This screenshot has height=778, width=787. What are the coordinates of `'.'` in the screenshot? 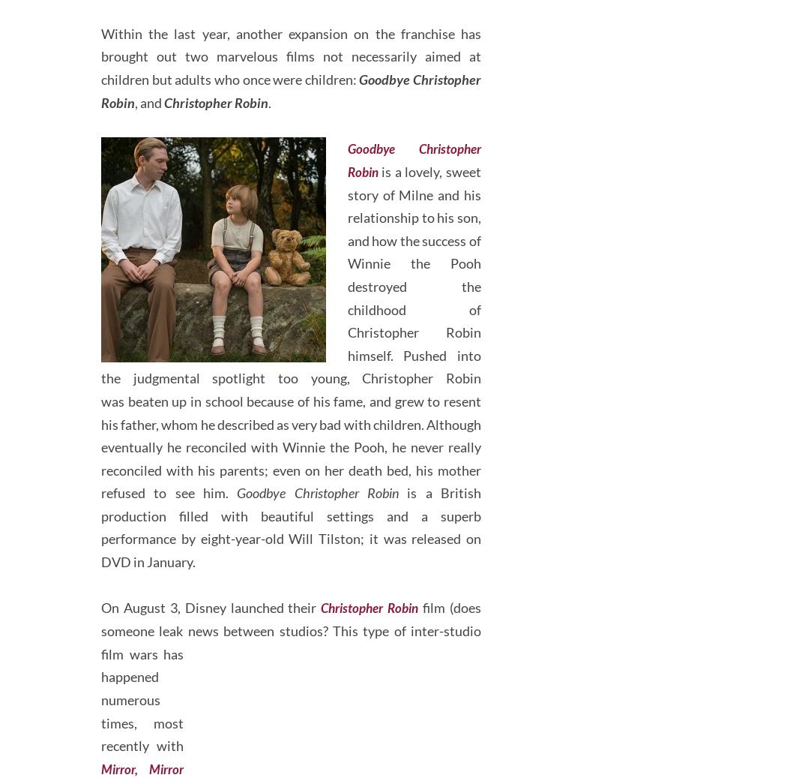 It's located at (269, 158).